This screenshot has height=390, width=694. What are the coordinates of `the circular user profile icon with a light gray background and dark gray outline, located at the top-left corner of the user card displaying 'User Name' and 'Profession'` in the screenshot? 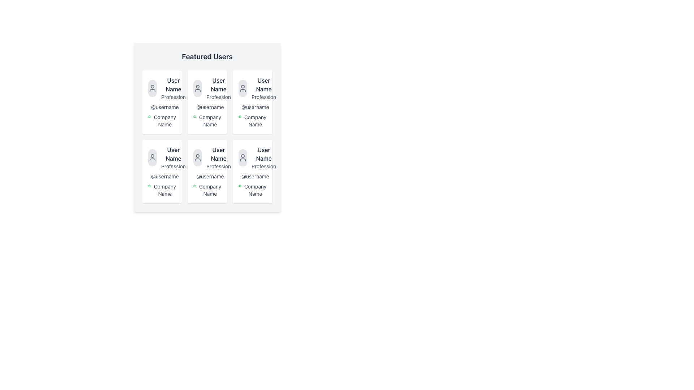 It's located at (152, 157).